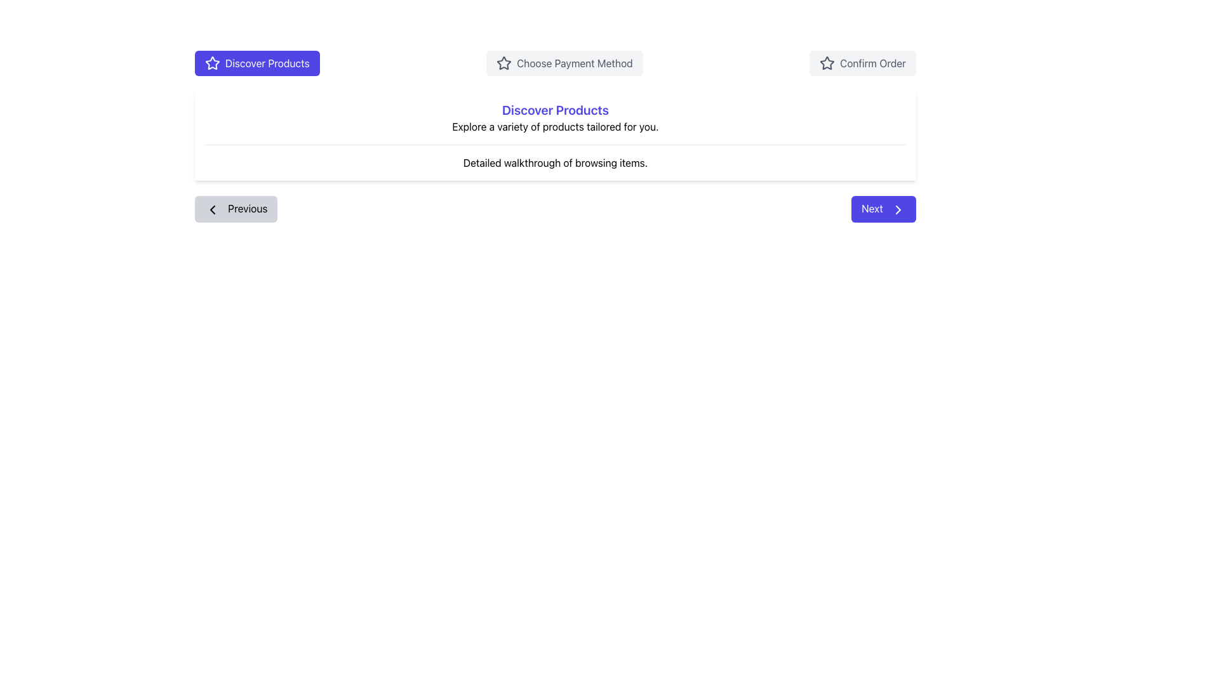 Image resolution: width=1219 pixels, height=685 pixels. What do you see at coordinates (898, 209) in the screenshot?
I see `the right-pointing arrow icon located within the 'Next' button at the bottom-right corner of the interface` at bounding box center [898, 209].